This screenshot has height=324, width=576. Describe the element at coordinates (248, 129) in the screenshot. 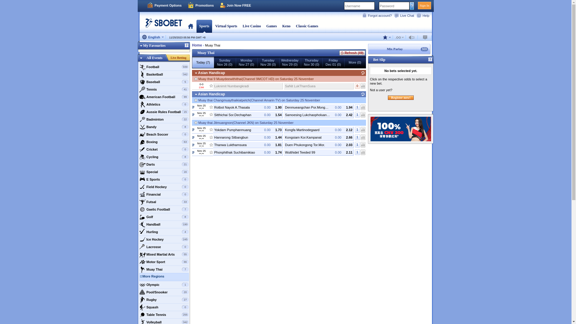

I see `'1.73` at that location.